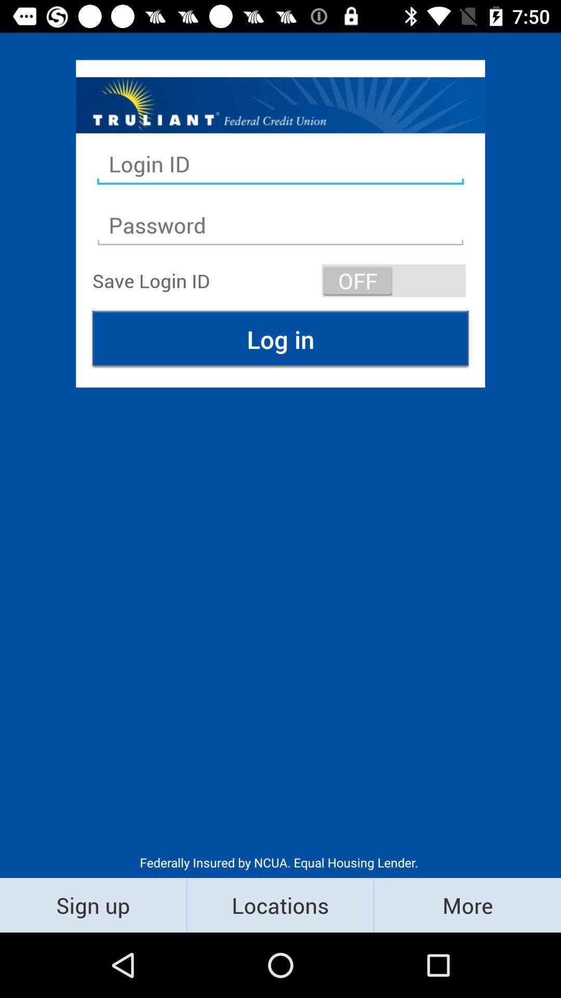  What do you see at coordinates (466, 904) in the screenshot?
I see `the item at the bottom right corner` at bounding box center [466, 904].